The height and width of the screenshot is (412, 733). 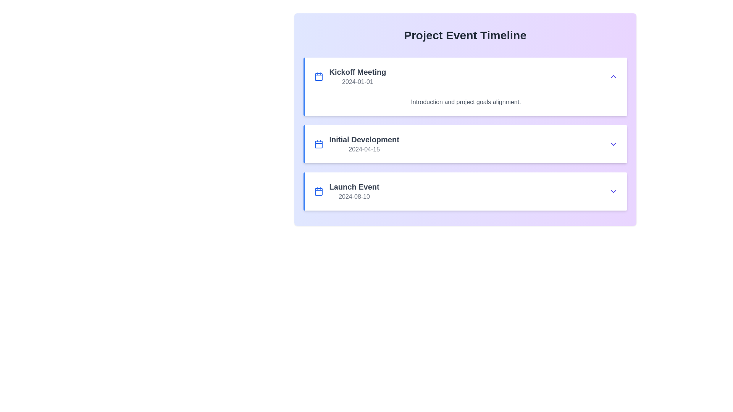 What do you see at coordinates (354, 191) in the screenshot?
I see `the 'Launch Event' text display component which includes the text 'Launch Event' and '2024-08-10', positioned to the right of a blue calendar icon` at bounding box center [354, 191].